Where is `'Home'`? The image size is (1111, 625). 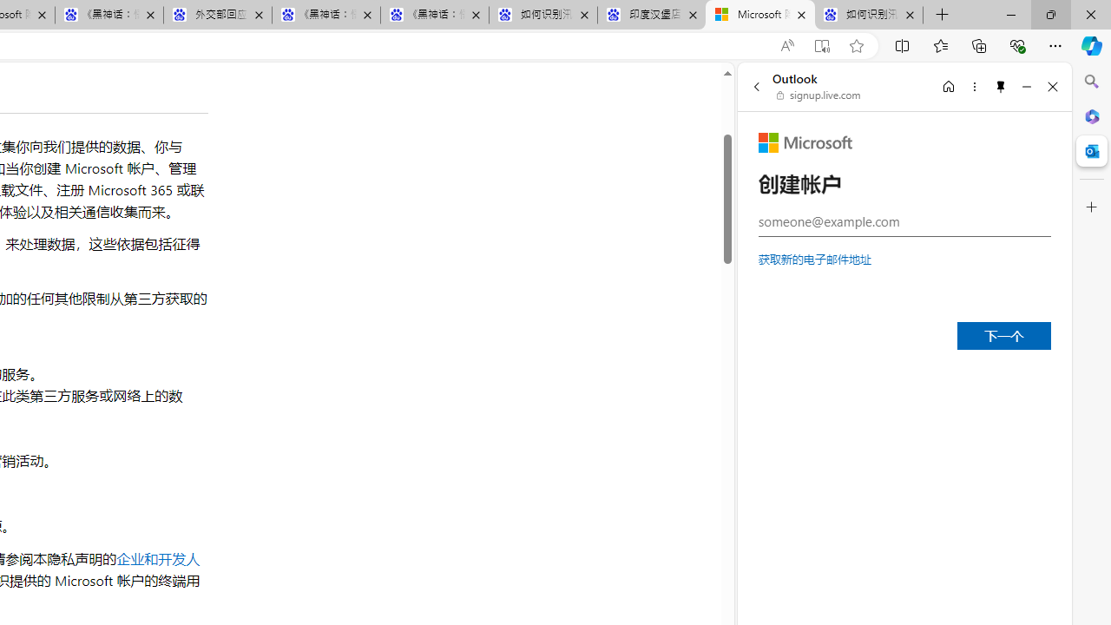 'Home' is located at coordinates (948, 86).